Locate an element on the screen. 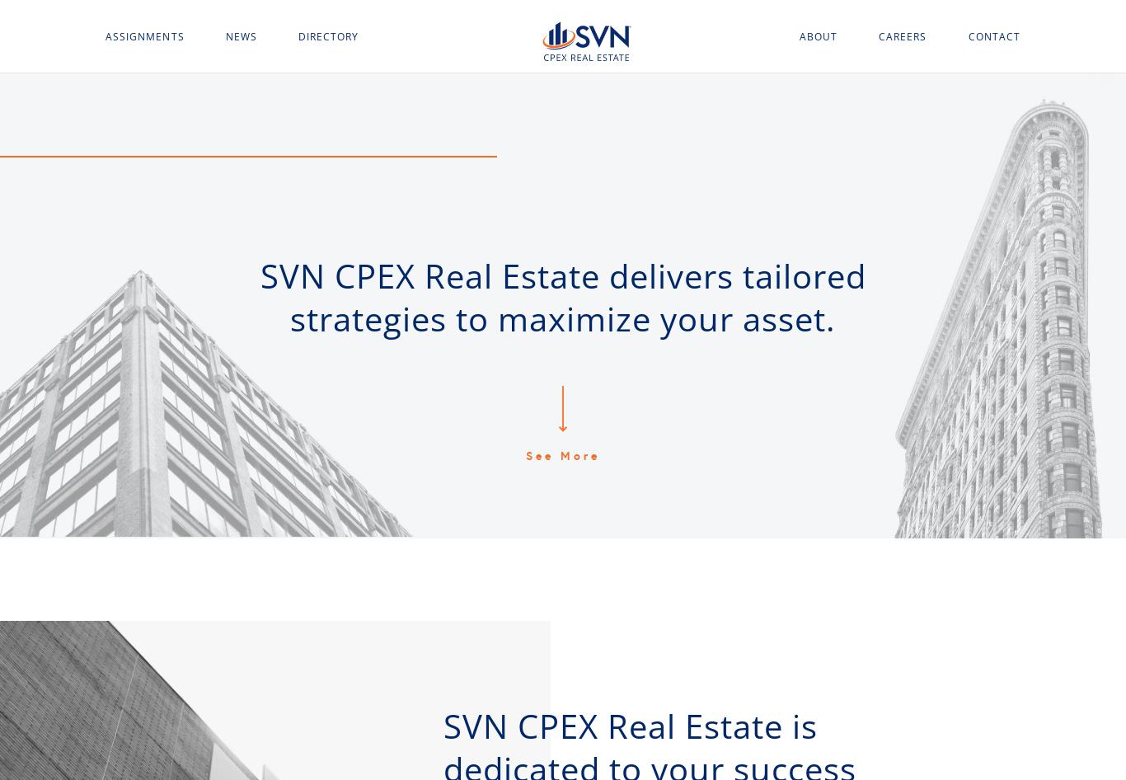  'Completed' is located at coordinates (138, 209).